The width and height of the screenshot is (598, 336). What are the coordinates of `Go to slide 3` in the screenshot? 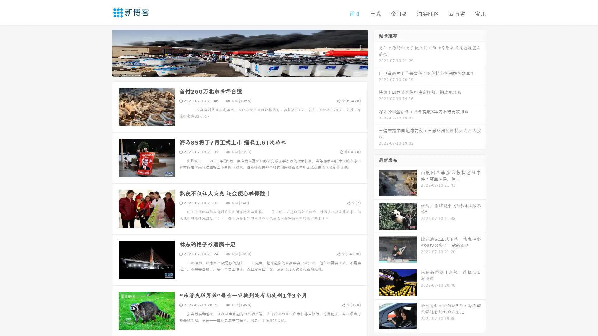 It's located at (246, 70).